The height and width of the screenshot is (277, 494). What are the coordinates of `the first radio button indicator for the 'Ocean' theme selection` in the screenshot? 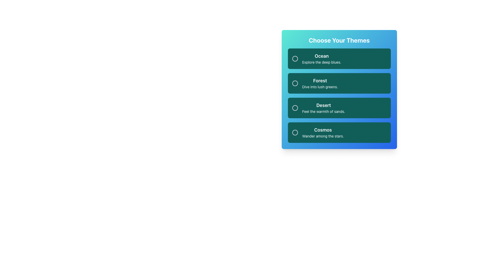 It's located at (295, 58).